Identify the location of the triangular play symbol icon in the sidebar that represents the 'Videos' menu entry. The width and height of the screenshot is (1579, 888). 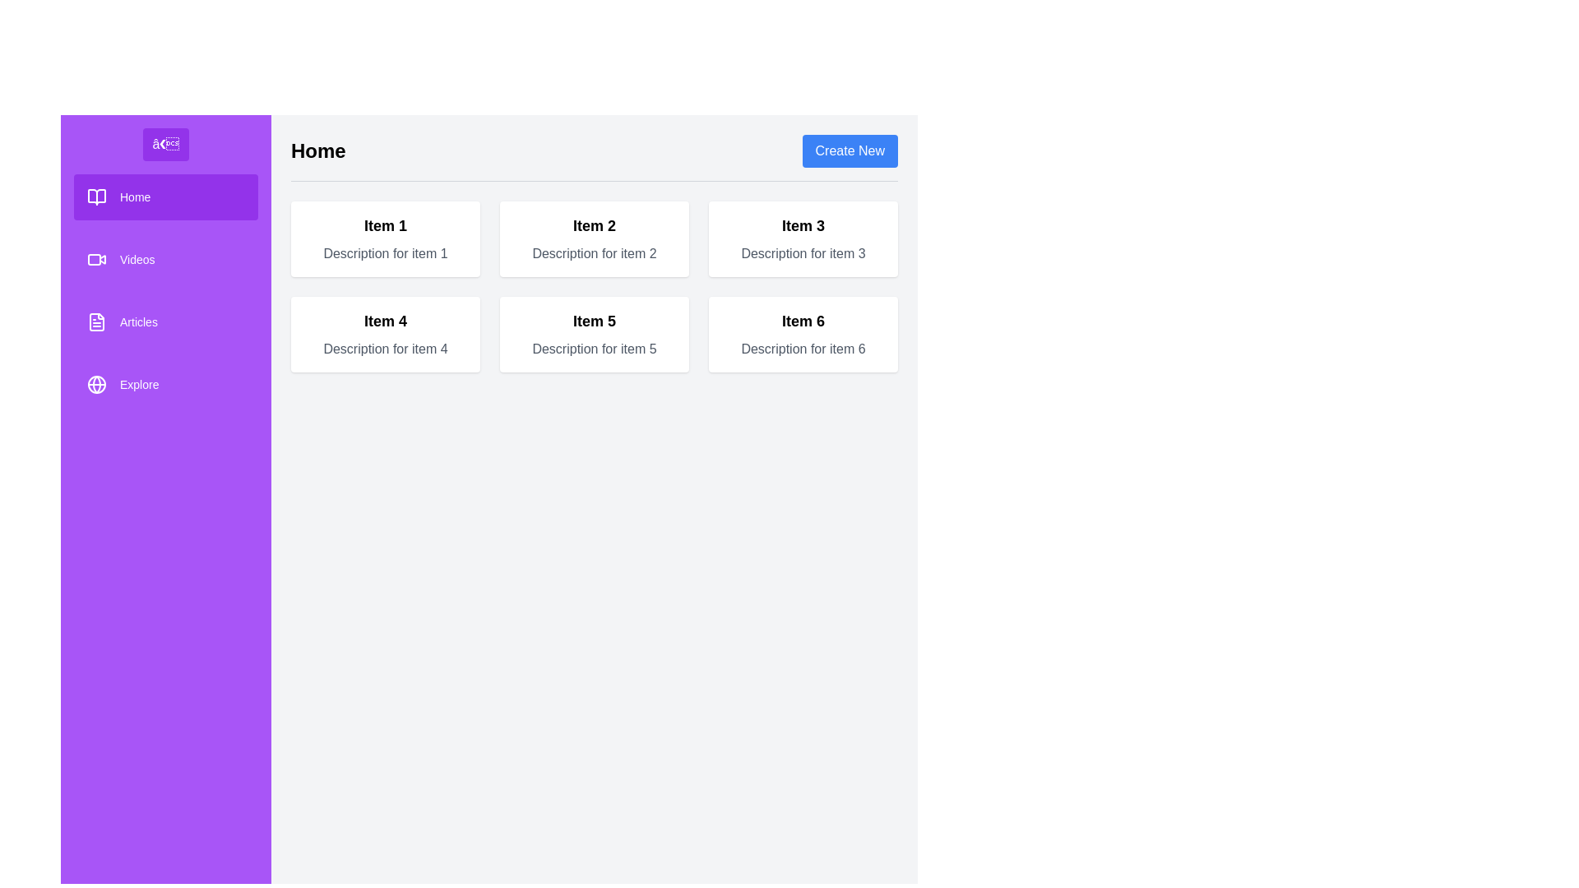
(101, 259).